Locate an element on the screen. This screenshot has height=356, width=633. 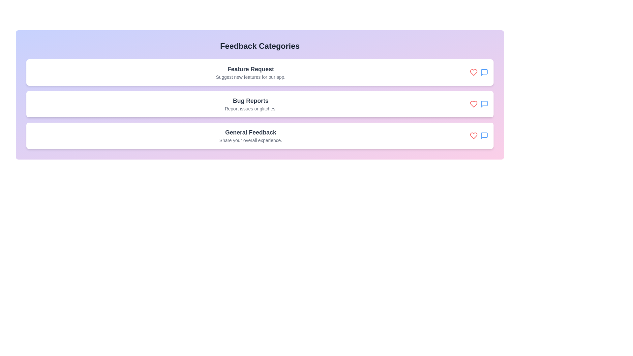
the like icon for the feedback category General Feedback is located at coordinates (473, 135).